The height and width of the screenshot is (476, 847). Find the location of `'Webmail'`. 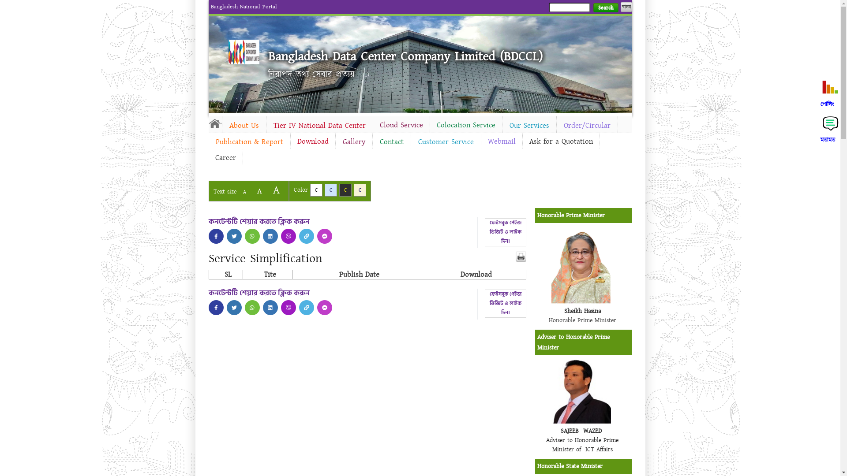

'Webmail' is located at coordinates (501, 141).